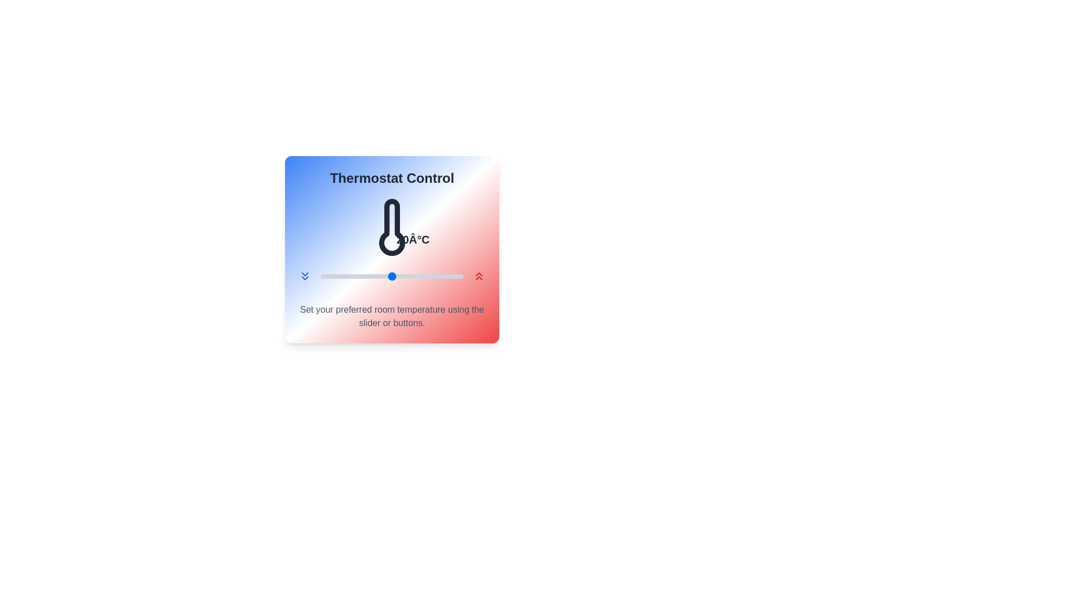 The height and width of the screenshot is (602, 1071). Describe the element at coordinates (399, 276) in the screenshot. I see `the temperature to 21°C using the slider` at that location.